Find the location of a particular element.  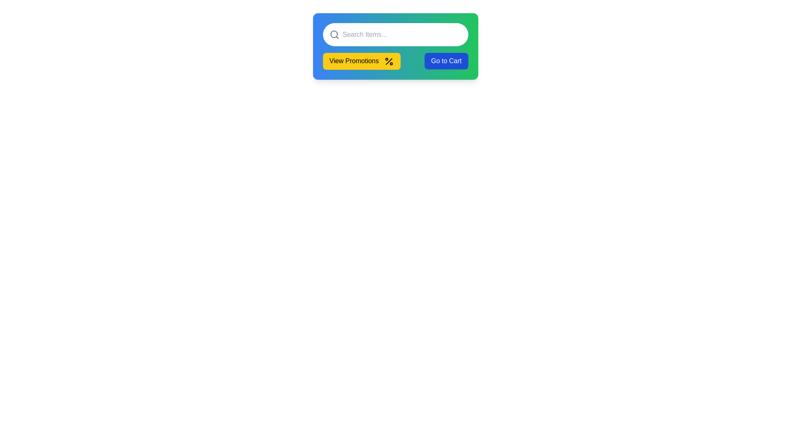

the yellow 'View Promotions' button with a percentage icon is located at coordinates (395, 61).